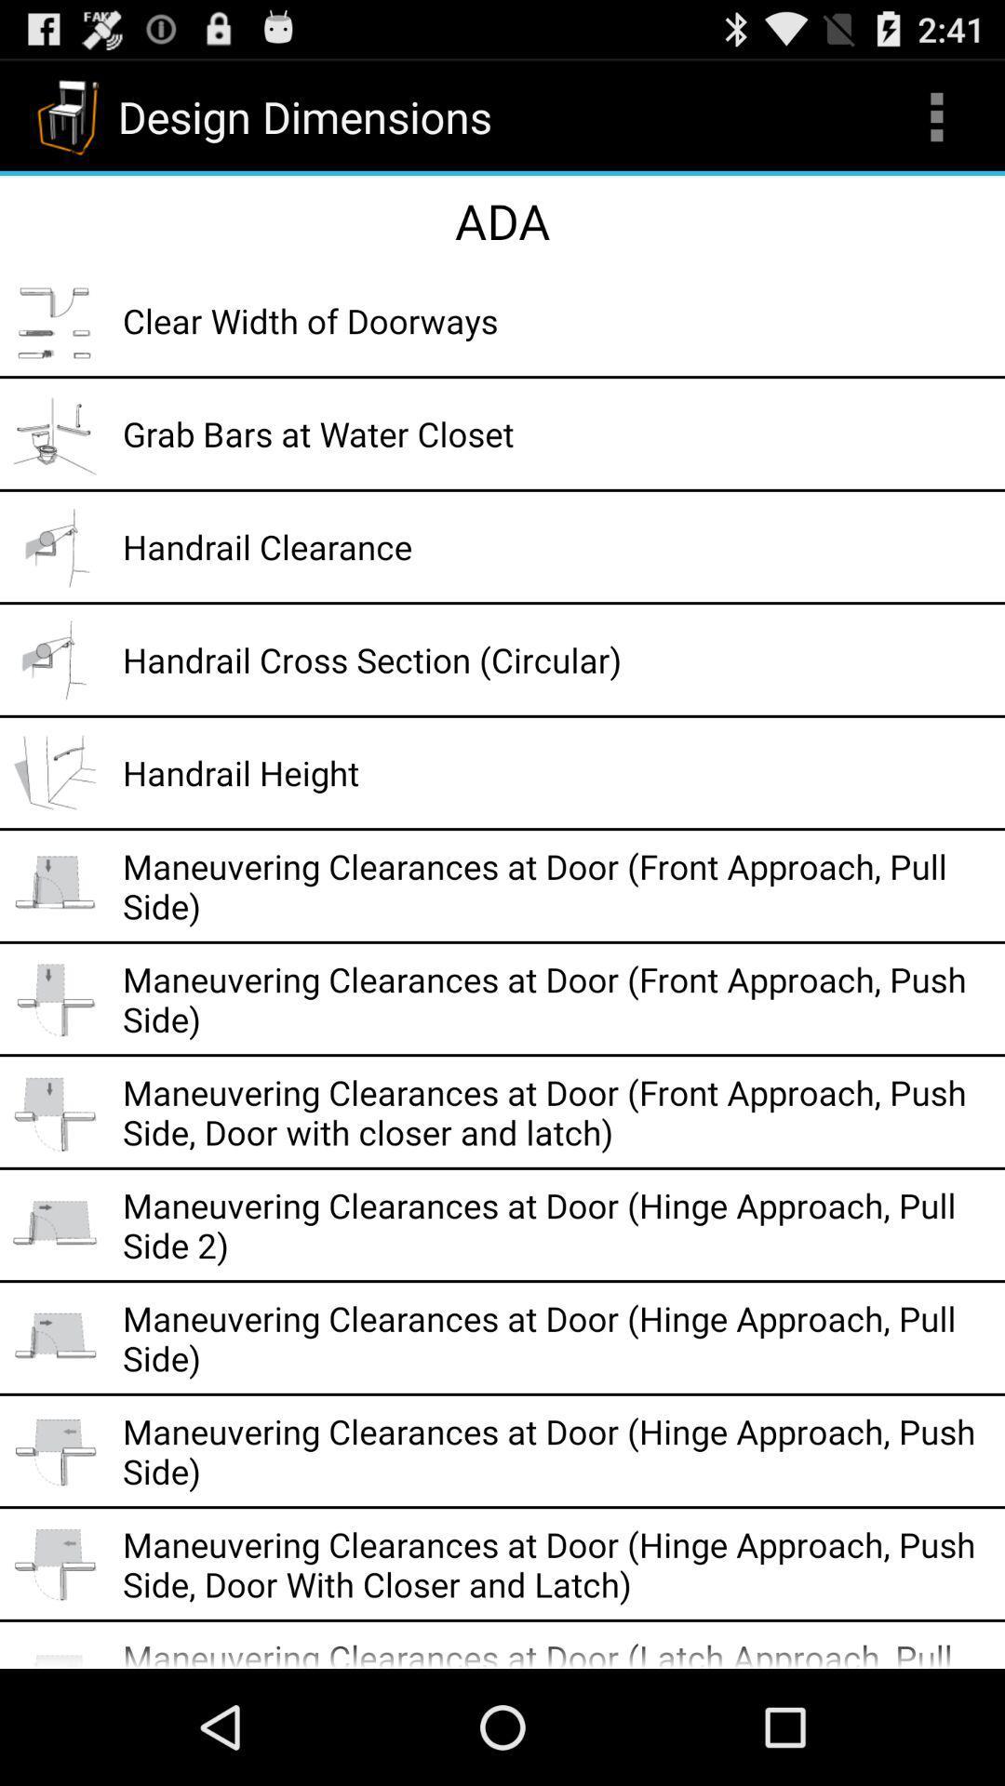 The height and width of the screenshot is (1786, 1005). What do you see at coordinates (556, 546) in the screenshot?
I see `handrail clearance app` at bounding box center [556, 546].